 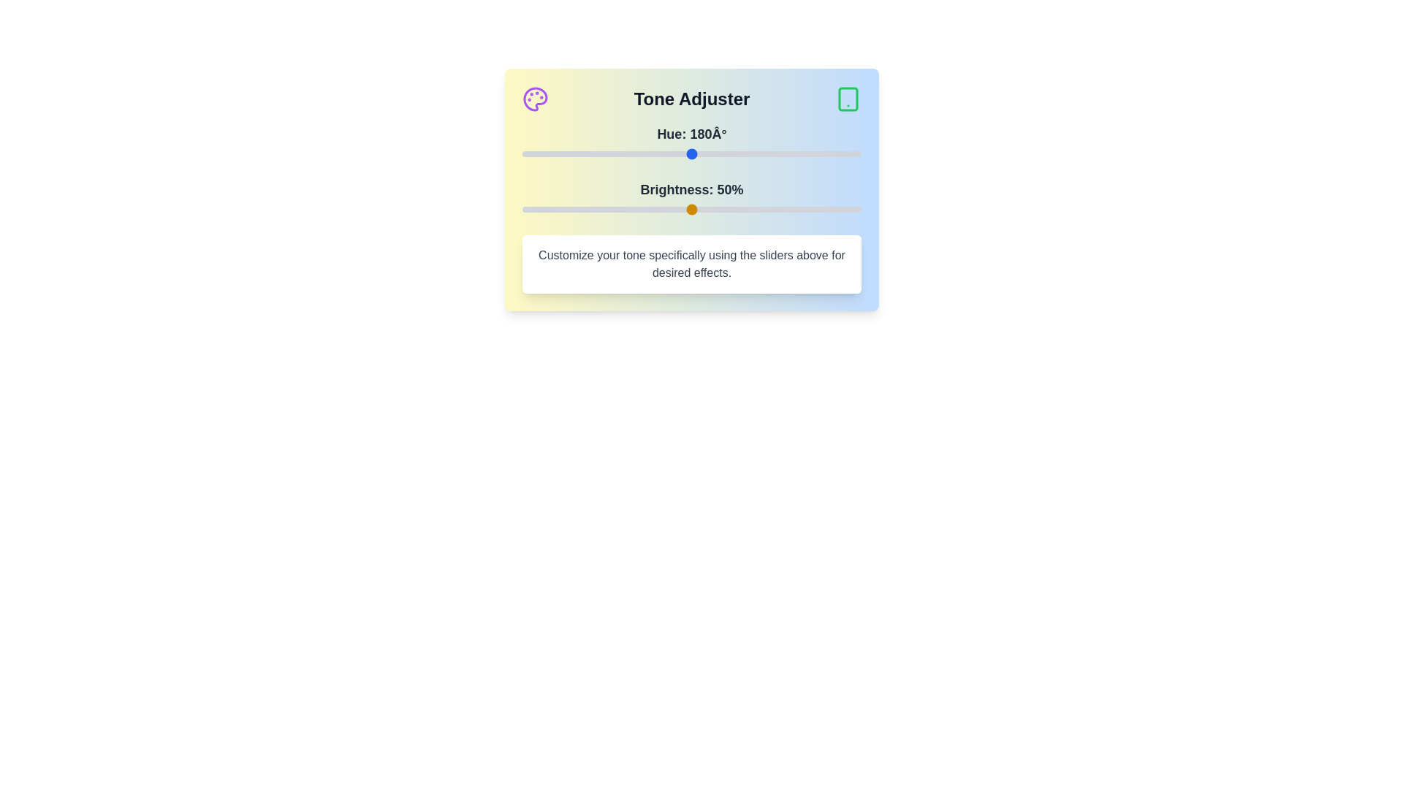 What do you see at coordinates (681, 209) in the screenshot?
I see `the brightness slider to 47%` at bounding box center [681, 209].